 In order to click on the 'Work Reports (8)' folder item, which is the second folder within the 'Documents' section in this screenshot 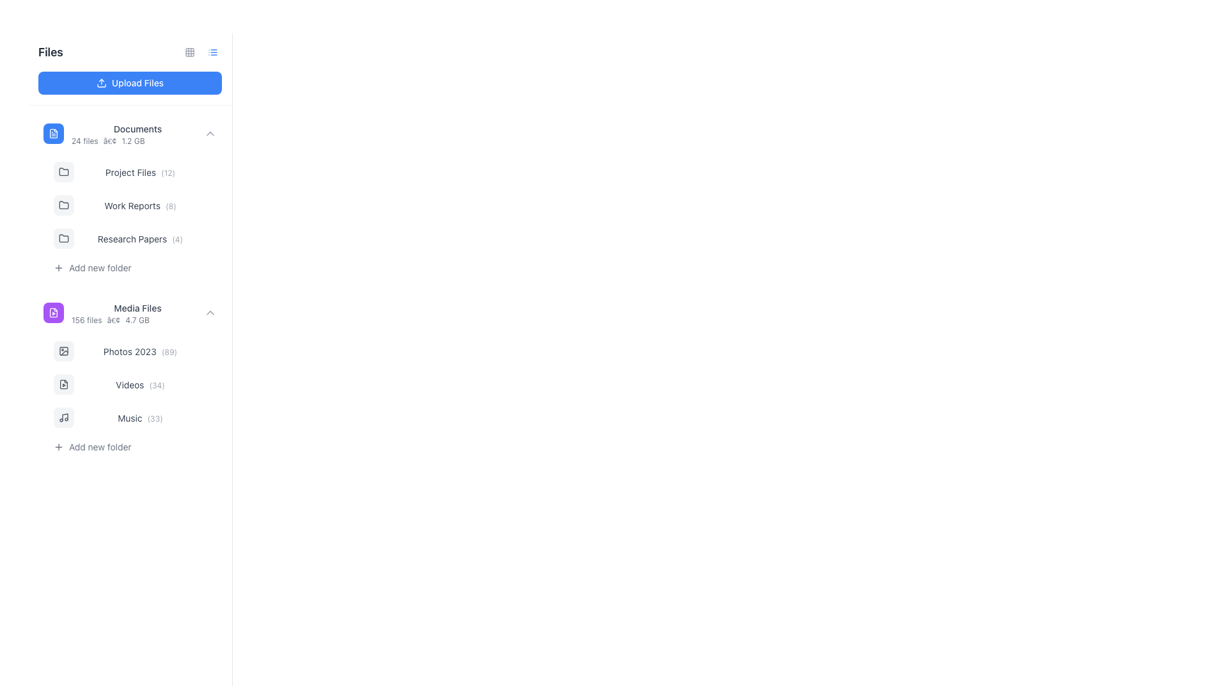, I will do `click(135, 204)`.